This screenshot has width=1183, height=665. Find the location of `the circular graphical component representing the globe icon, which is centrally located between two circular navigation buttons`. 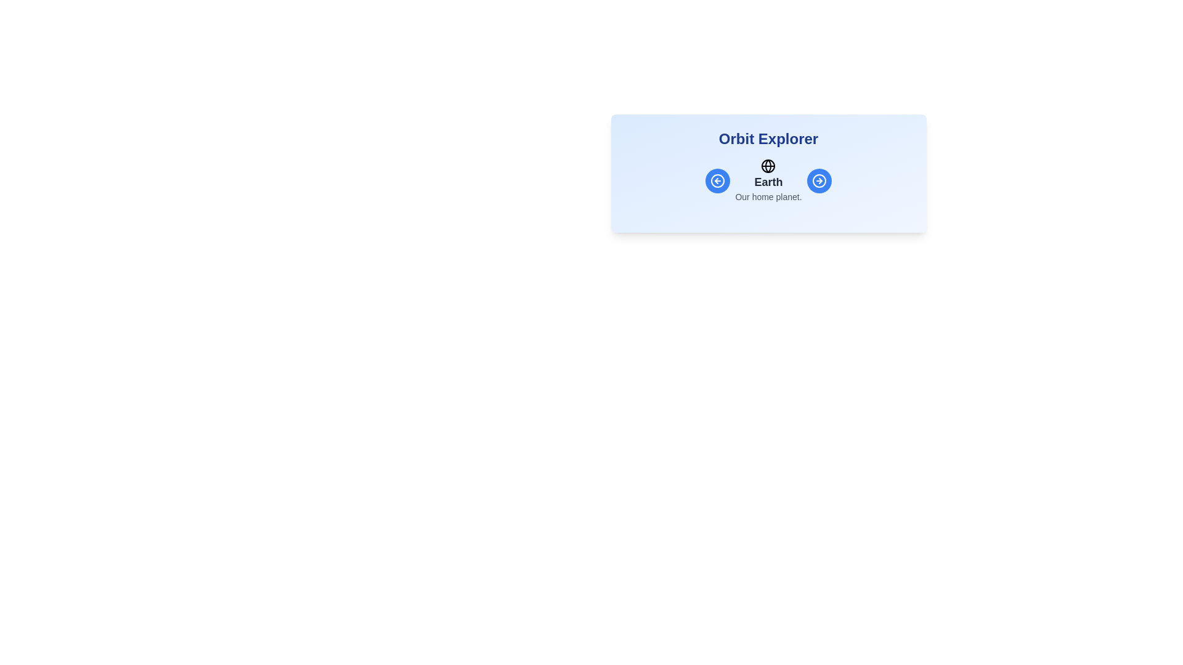

the circular graphical component representing the globe icon, which is centrally located between two circular navigation buttons is located at coordinates (768, 166).